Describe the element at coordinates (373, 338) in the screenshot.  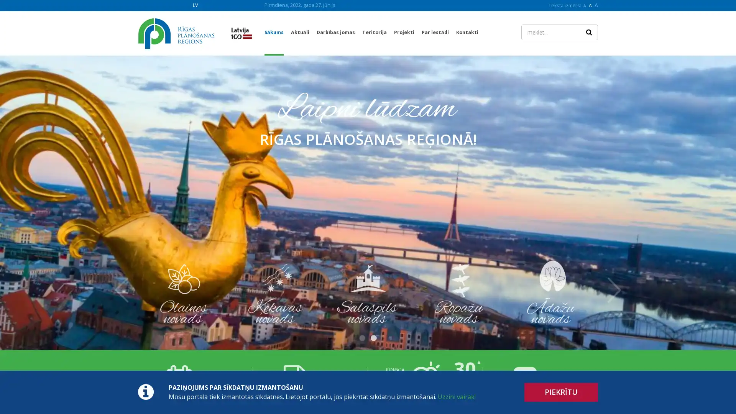
I see `2` at that location.